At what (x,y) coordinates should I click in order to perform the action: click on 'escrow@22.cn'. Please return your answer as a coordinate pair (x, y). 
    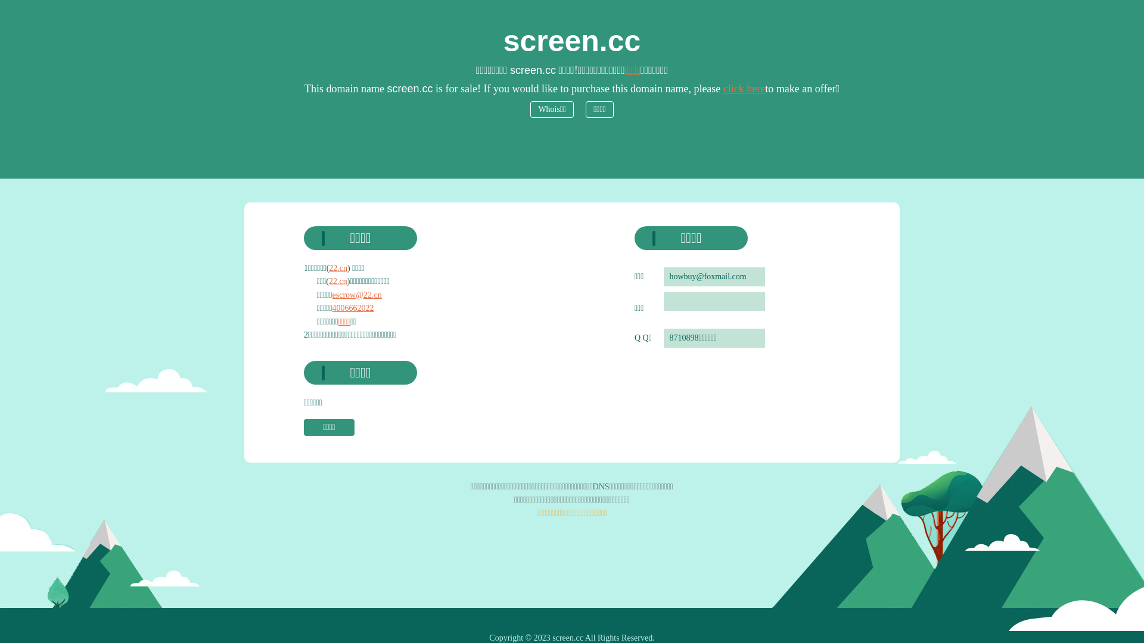
    Looking at the image, I should click on (356, 295).